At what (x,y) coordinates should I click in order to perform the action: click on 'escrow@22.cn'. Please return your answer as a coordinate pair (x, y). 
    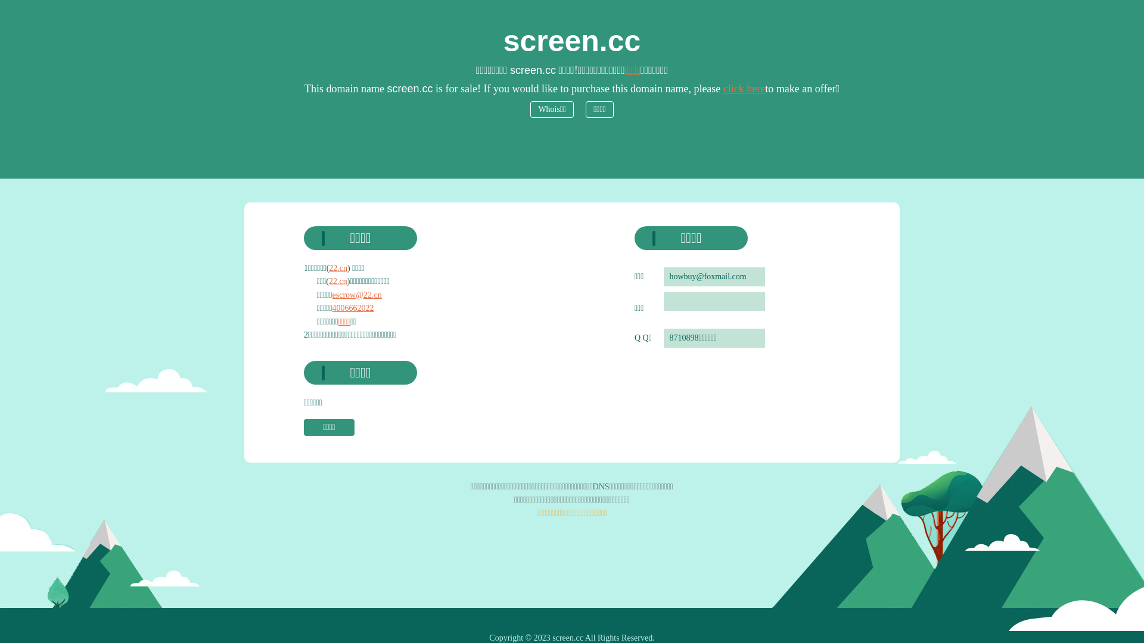
    Looking at the image, I should click on (356, 295).